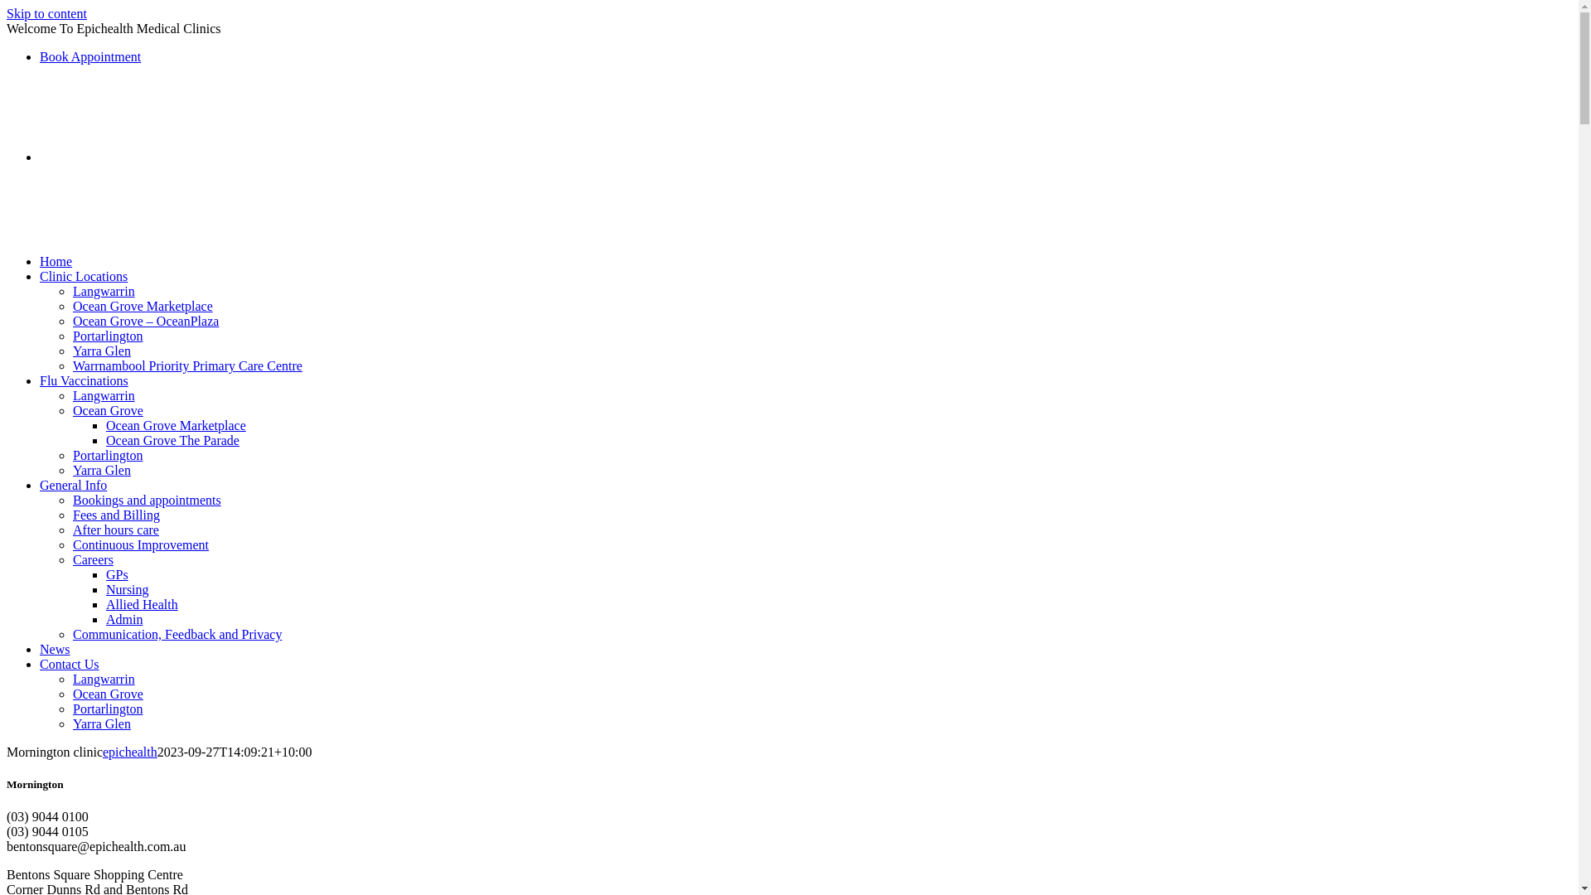 The width and height of the screenshot is (1591, 895). What do you see at coordinates (123, 619) in the screenshot?
I see `'Admin'` at bounding box center [123, 619].